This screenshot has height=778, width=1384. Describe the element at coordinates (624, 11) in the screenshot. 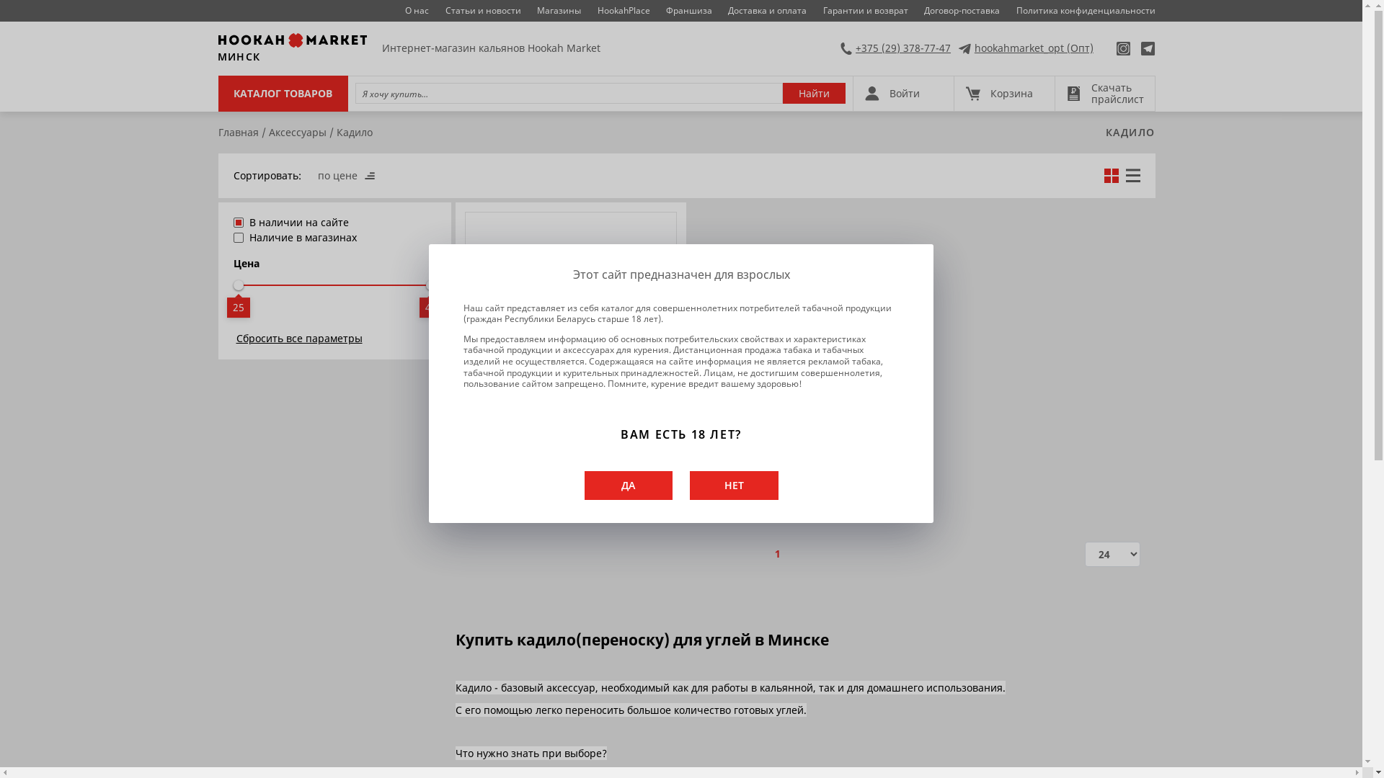

I see `'HookahPlace'` at that location.